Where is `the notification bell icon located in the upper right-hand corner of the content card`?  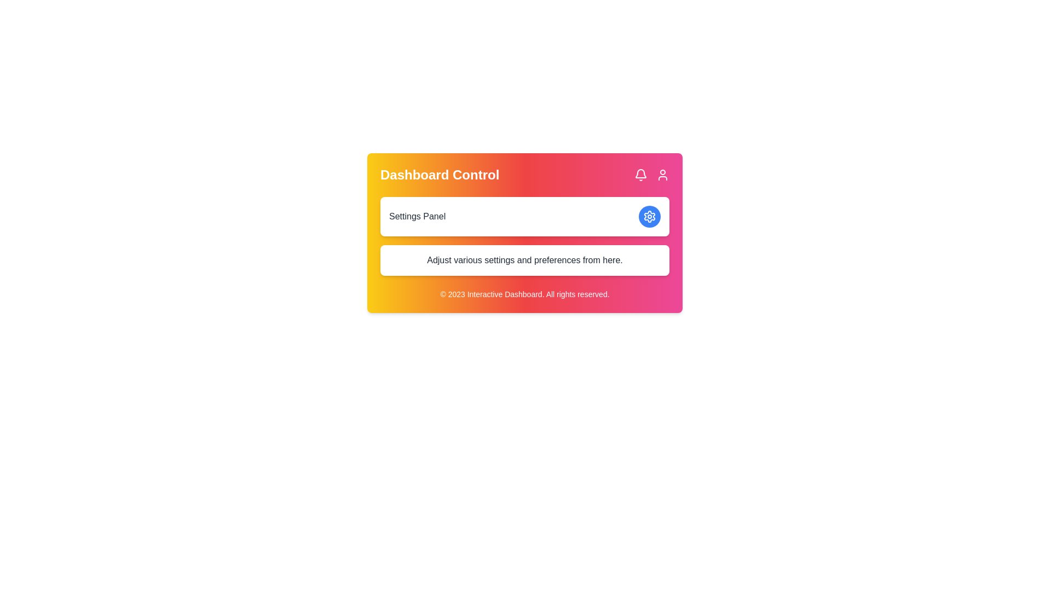 the notification bell icon located in the upper right-hand corner of the content card is located at coordinates (641, 173).